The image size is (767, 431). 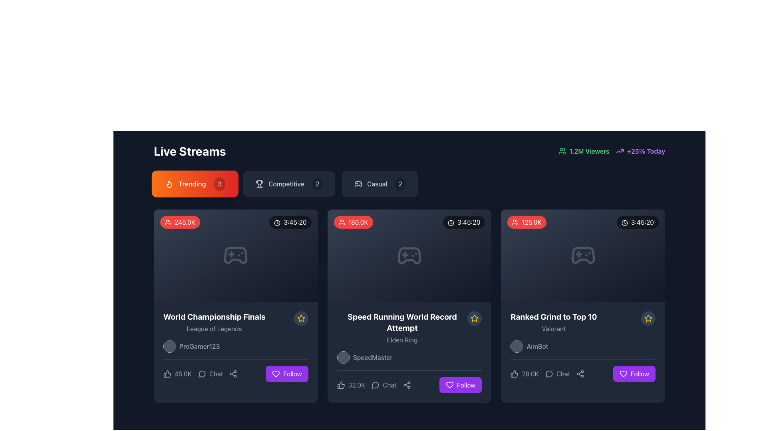 I want to click on the Text label displaying the number of likes or approval votes, located beneath the 'Ranked Grind to Top 10' card in the third column of the 'Live Streams' section, to the right of the thumbs-up icon, so click(x=530, y=374).